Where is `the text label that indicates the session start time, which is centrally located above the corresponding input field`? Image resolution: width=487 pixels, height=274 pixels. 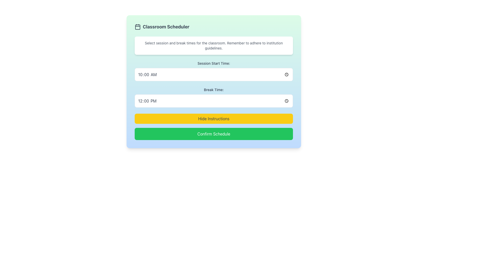
the text label that indicates the session start time, which is centrally located above the corresponding input field is located at coordinates (214, 63).